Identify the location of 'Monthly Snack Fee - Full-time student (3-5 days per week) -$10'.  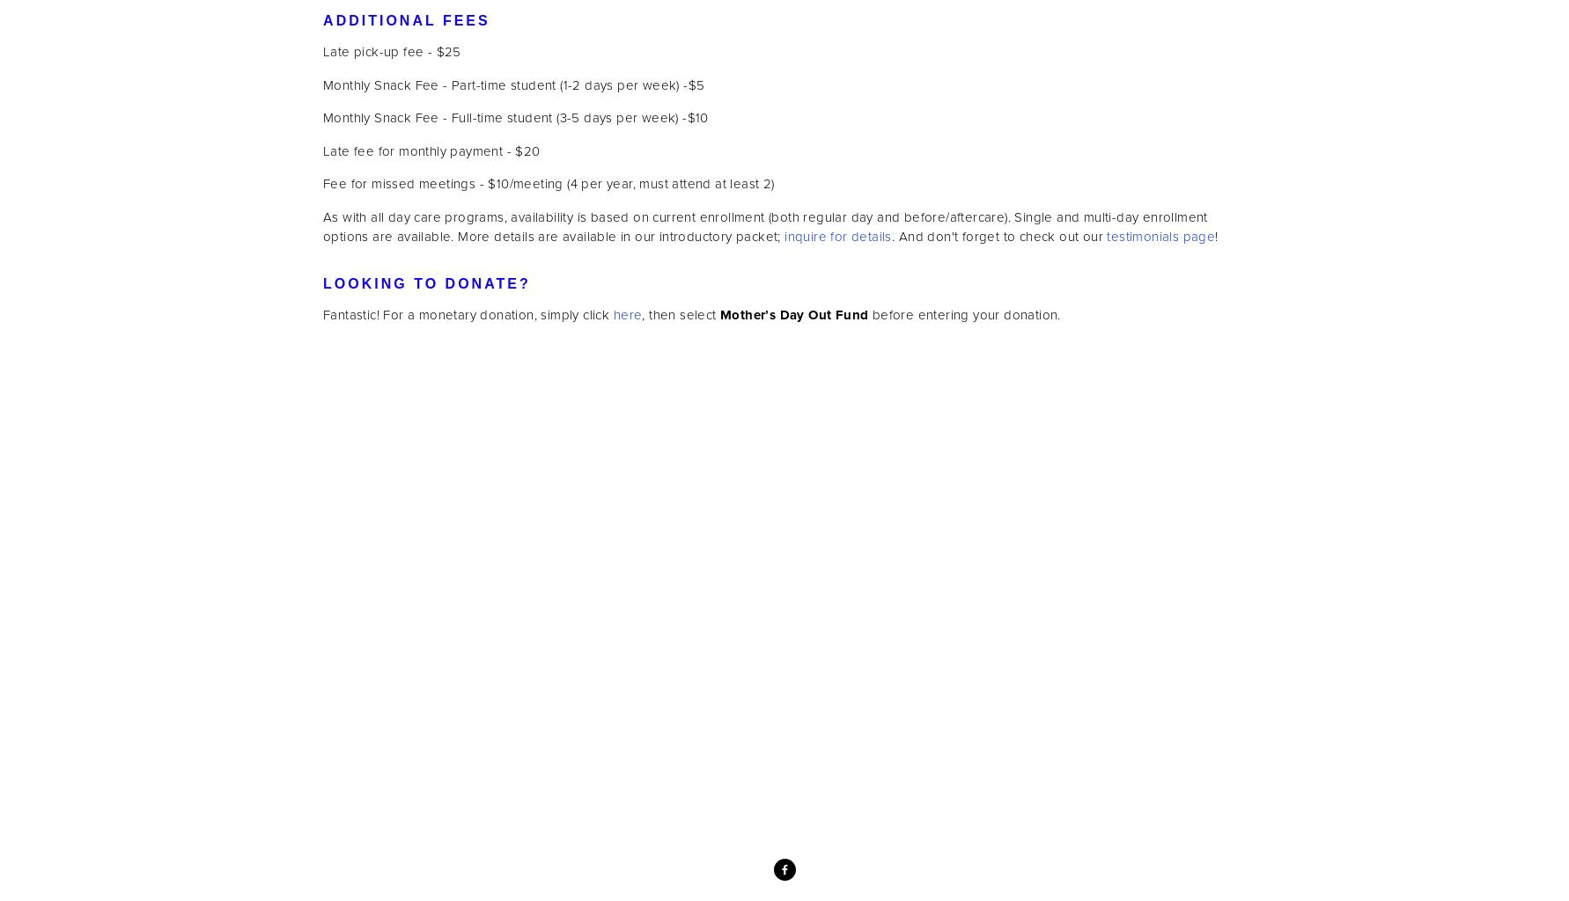
(515, 117).